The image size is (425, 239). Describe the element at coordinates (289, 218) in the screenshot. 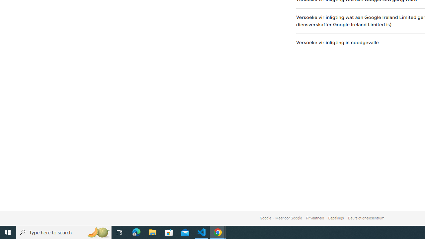

I see `'Meer oor Google'` at that location.